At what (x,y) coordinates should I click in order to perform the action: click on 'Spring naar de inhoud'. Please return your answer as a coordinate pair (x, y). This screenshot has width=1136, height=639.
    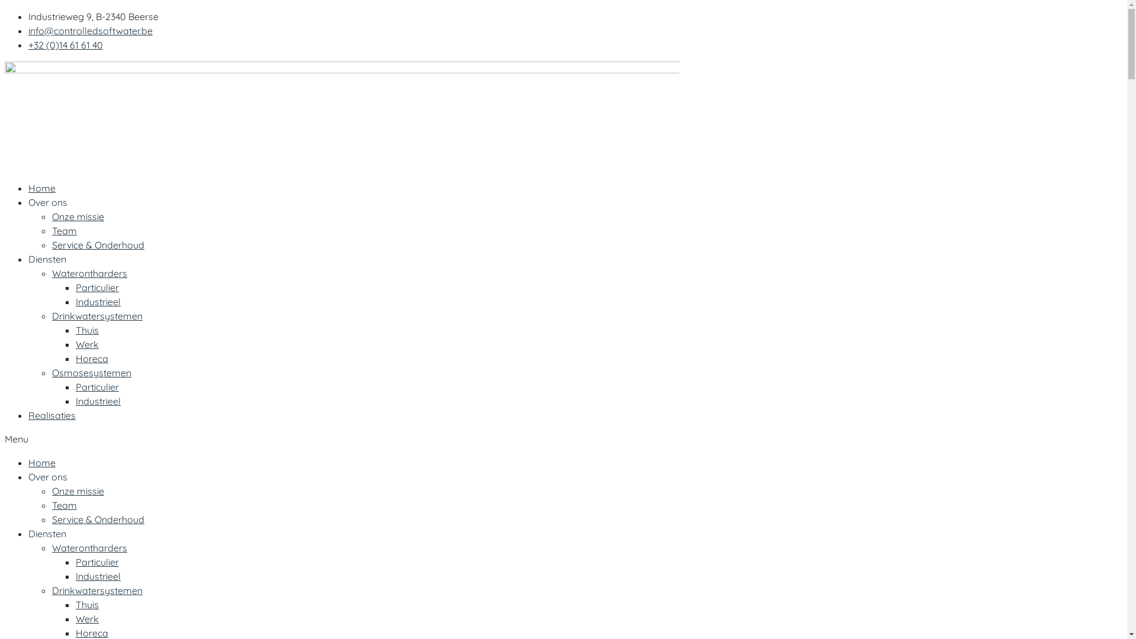
    Looking at the image, I should click on (4, 9).